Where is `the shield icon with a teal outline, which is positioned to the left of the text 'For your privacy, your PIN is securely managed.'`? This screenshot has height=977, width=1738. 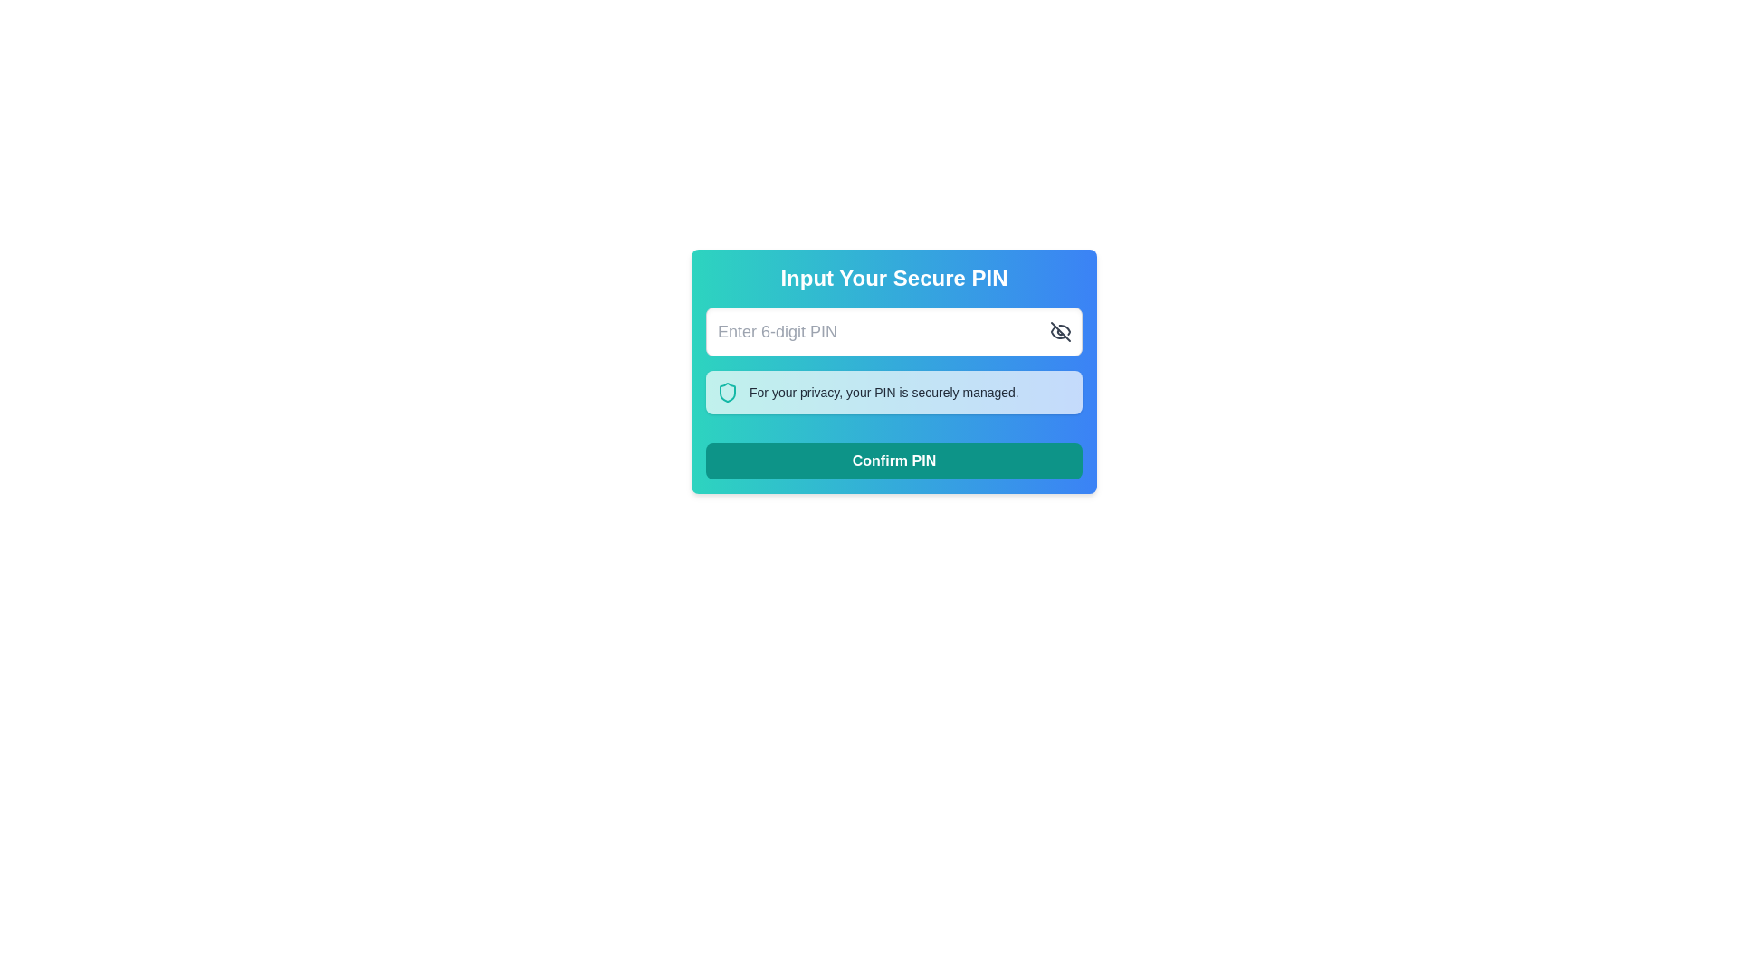 the shield icon with a teal outline, which is positioned to the left of the text 'For your privacy, your PIN is securely managed.' is located at coordinates (728, 392).